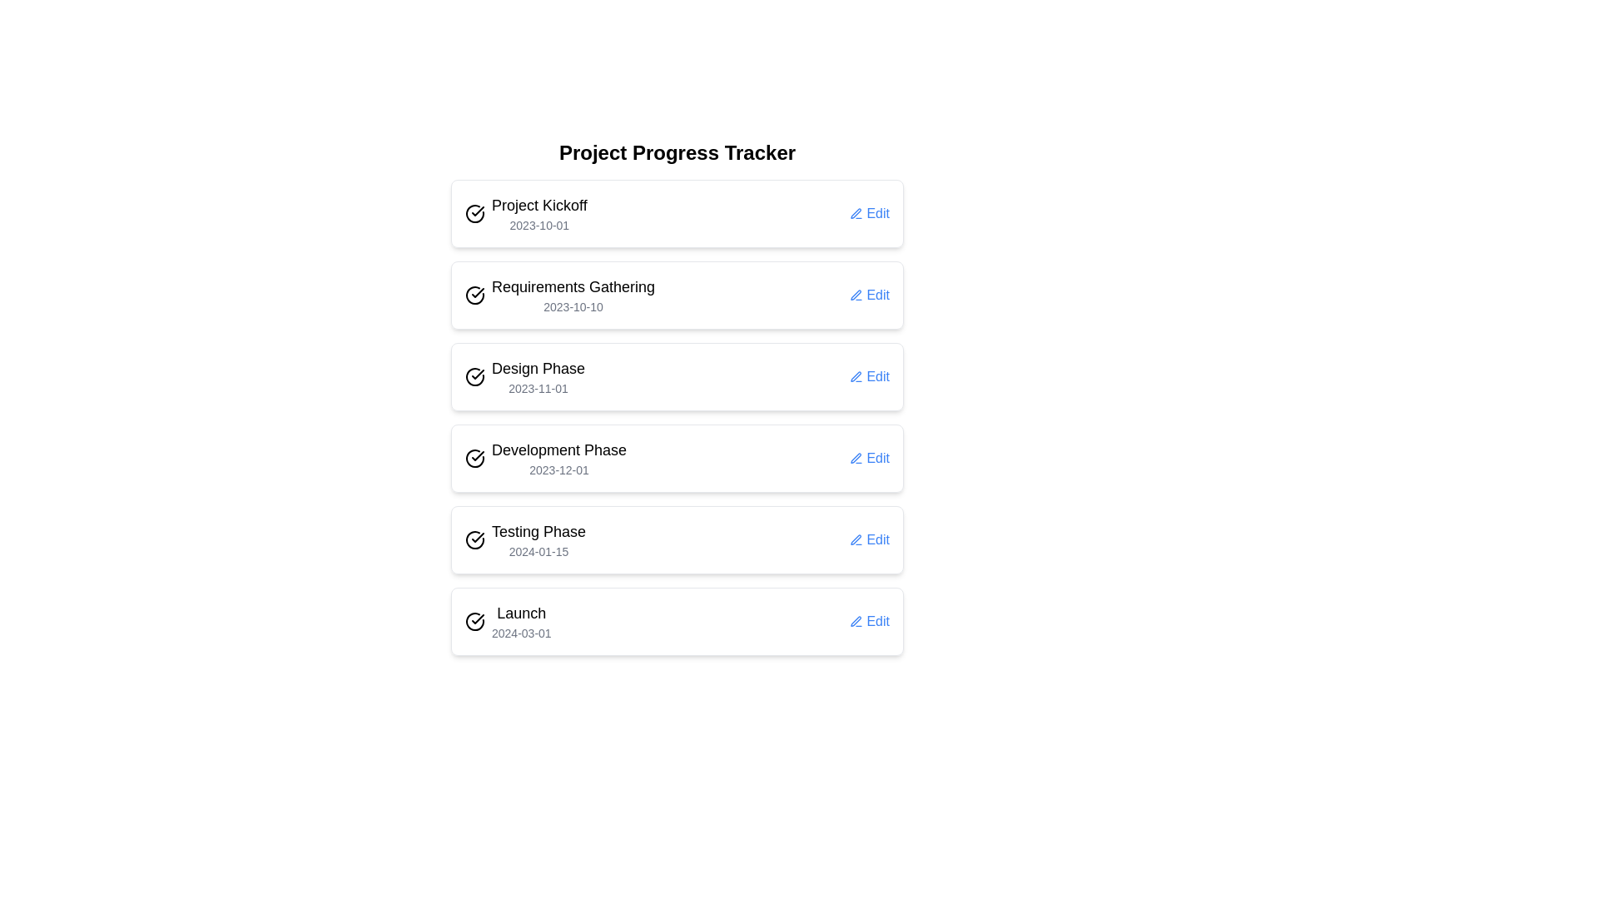 This screenshot has width=1598, height=899. I want to click on the pen or edit icon located to the left of the 'Edit' label in the top-right corner of the project phase section, so click(856, 622).